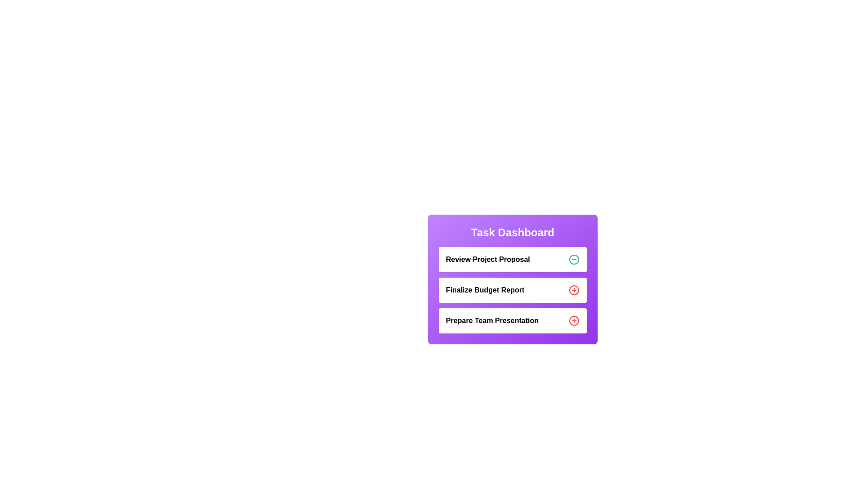 This screenshot has height=486, width=864. I want to click on the button next to the task "Prepare Team Presentation" to toggle its state, so click(574, 320).